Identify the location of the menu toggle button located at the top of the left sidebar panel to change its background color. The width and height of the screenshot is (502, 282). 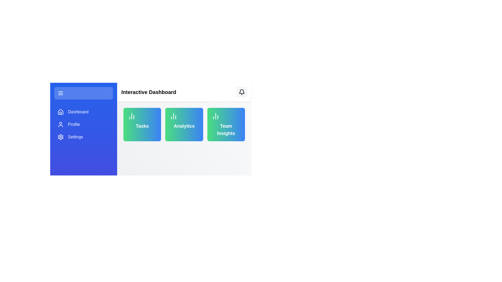
(84, 93).